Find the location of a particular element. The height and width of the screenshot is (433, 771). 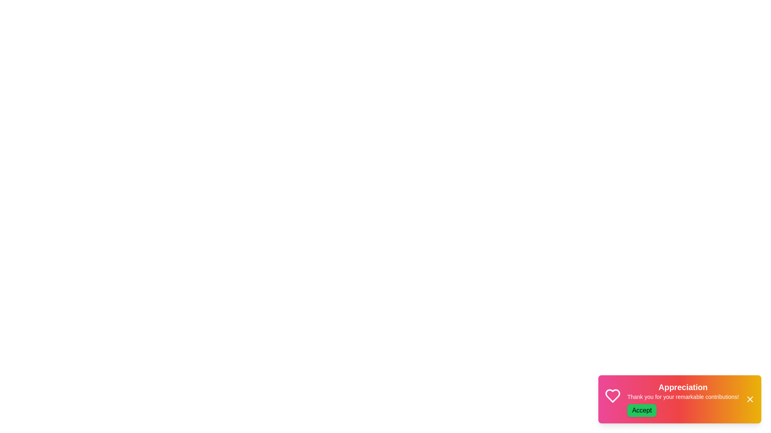

the close button to dismiss the notification is located at coordinates (749, 399).